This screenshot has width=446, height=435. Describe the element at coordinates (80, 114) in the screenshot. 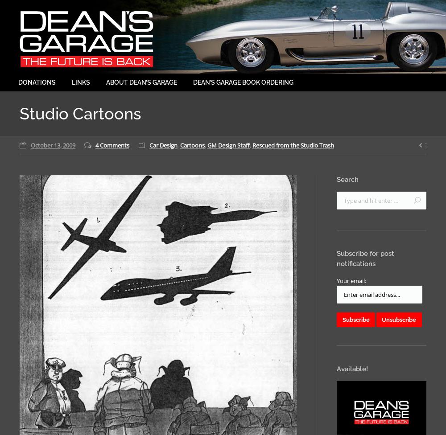

I see `'Studio Cartoons'` at that location.